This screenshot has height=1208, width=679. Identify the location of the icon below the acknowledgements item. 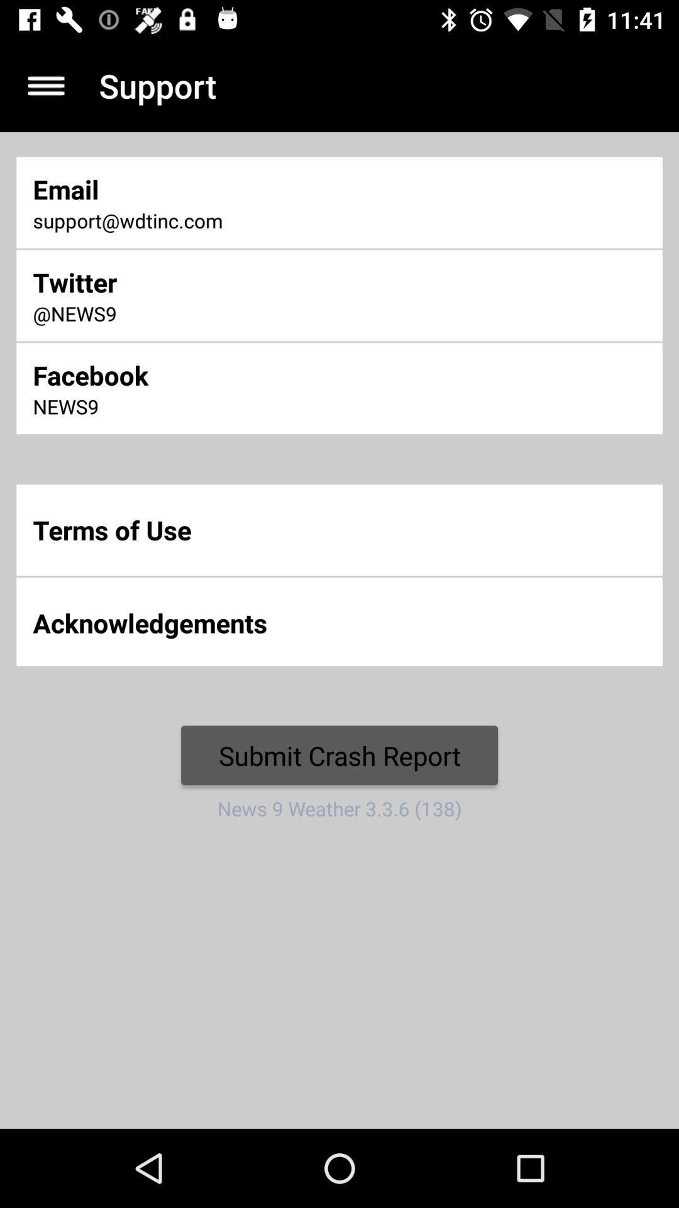
(339, 755).